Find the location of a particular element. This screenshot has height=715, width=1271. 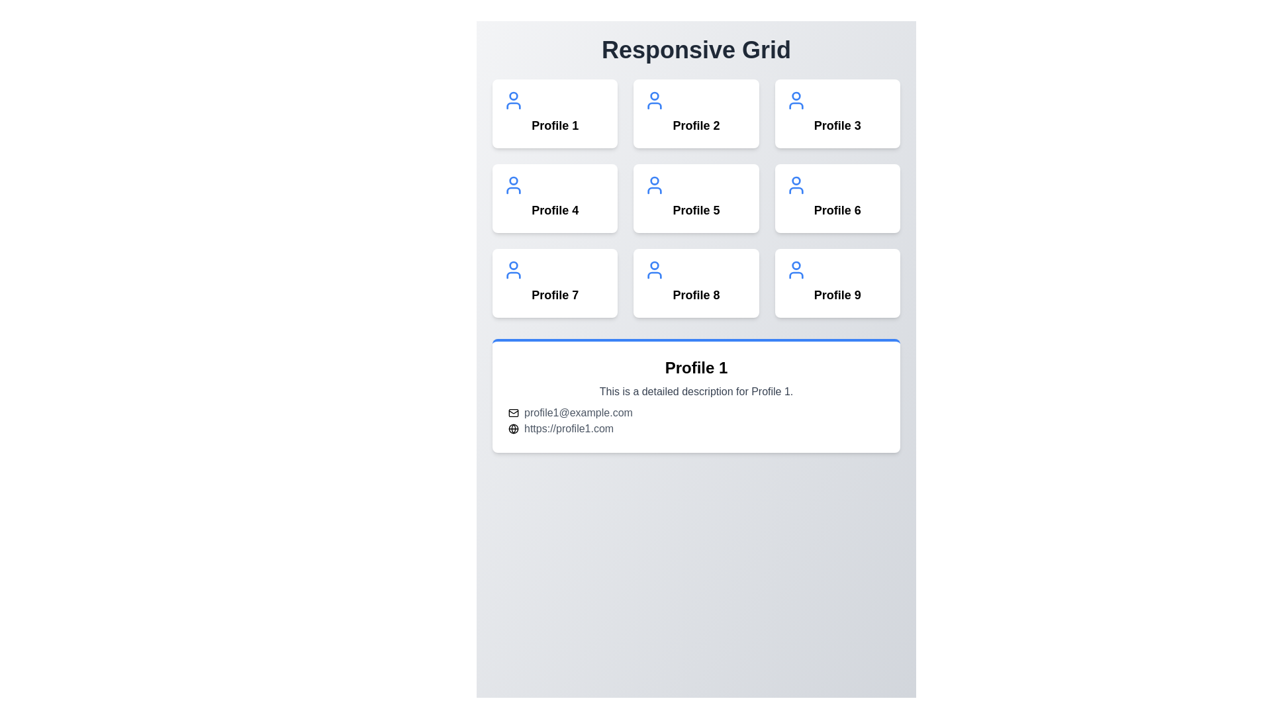

the profile card labeled 'Profile 6' located in the second row and third column under the heading 'Responsive Grid' is located at coordinates (837, 199).